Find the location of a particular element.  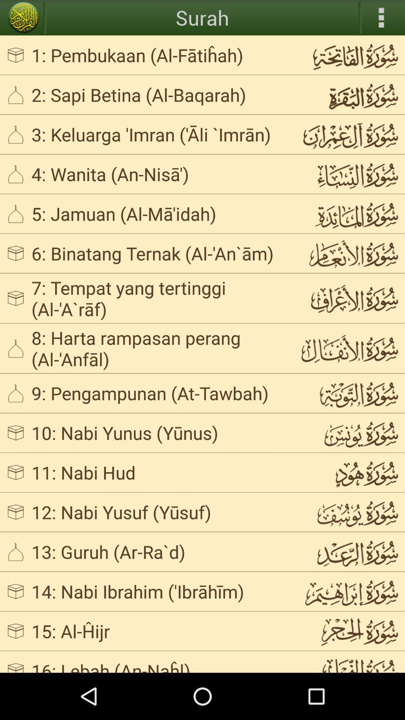

2 sapi betina app is located at coordinates (159, 94).